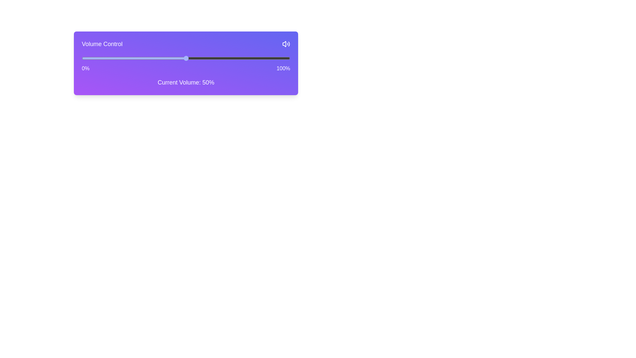  Describe the element at coordinates (185, 63) in the screenshot. I see `labels on the Volume control panel, which displays a range from '0%' to '100%' and the current volume at 'Current Volume: 50%'` at that location.